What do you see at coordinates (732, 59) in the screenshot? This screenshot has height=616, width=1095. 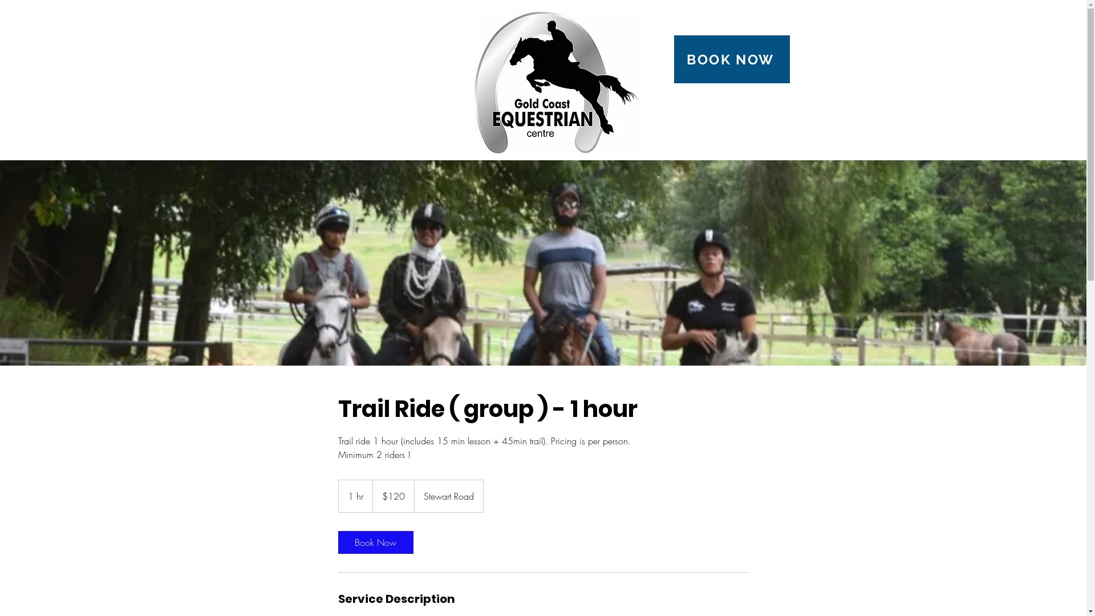 I see `'BOOK NOW'` at bounding box center [732, 59].